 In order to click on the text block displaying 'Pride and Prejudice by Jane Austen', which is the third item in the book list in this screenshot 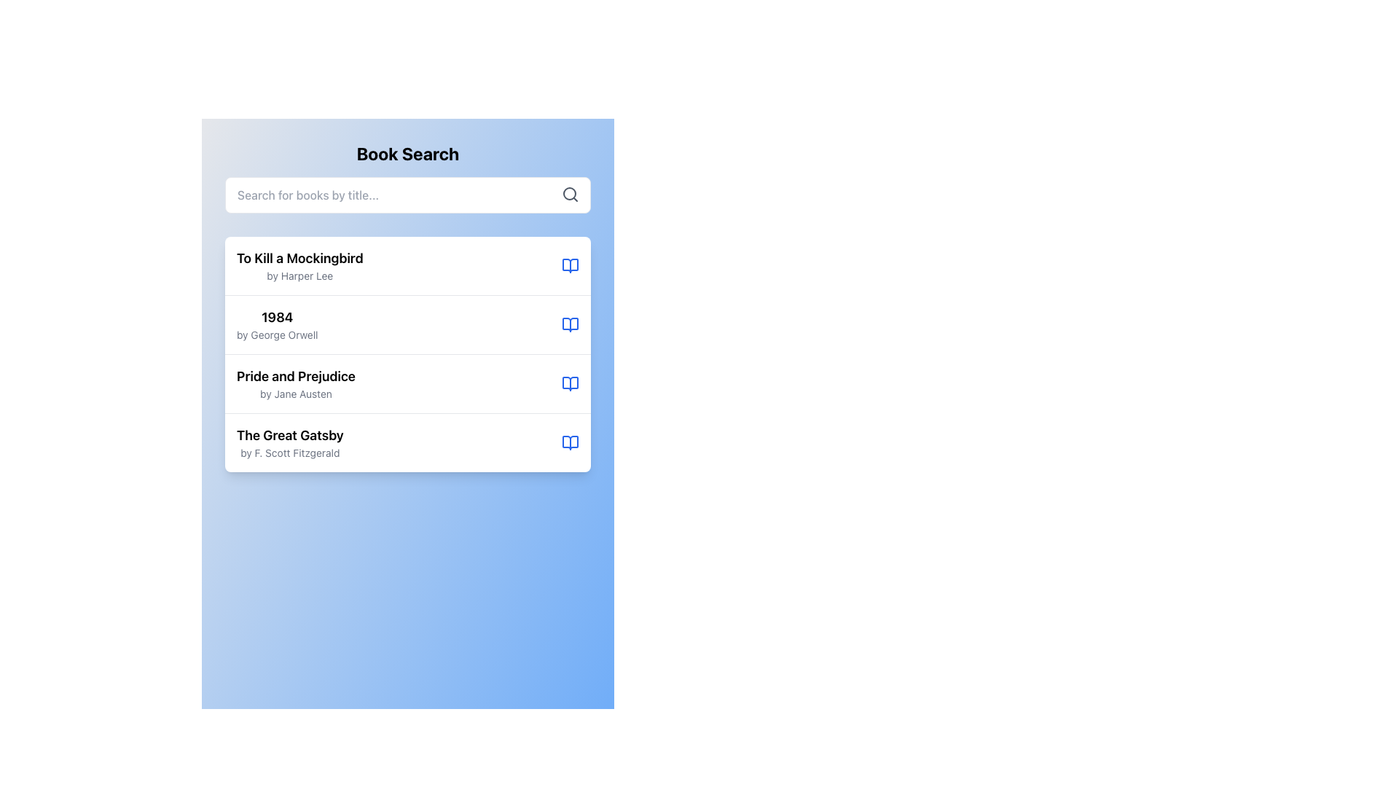, I will do `click(295, 383)`.